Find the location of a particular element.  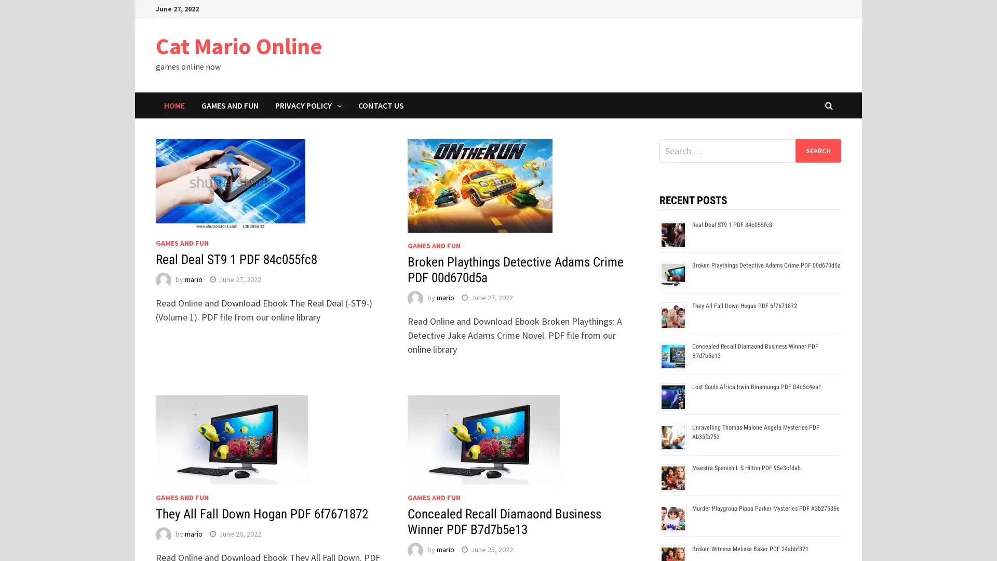

Search is located at coordinates (817, 150).